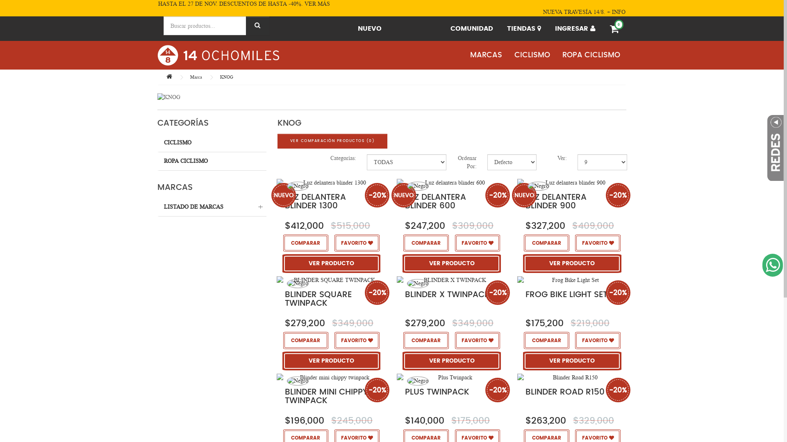  I want to click on 'ROPA CICLISMO', so click(212, 161).